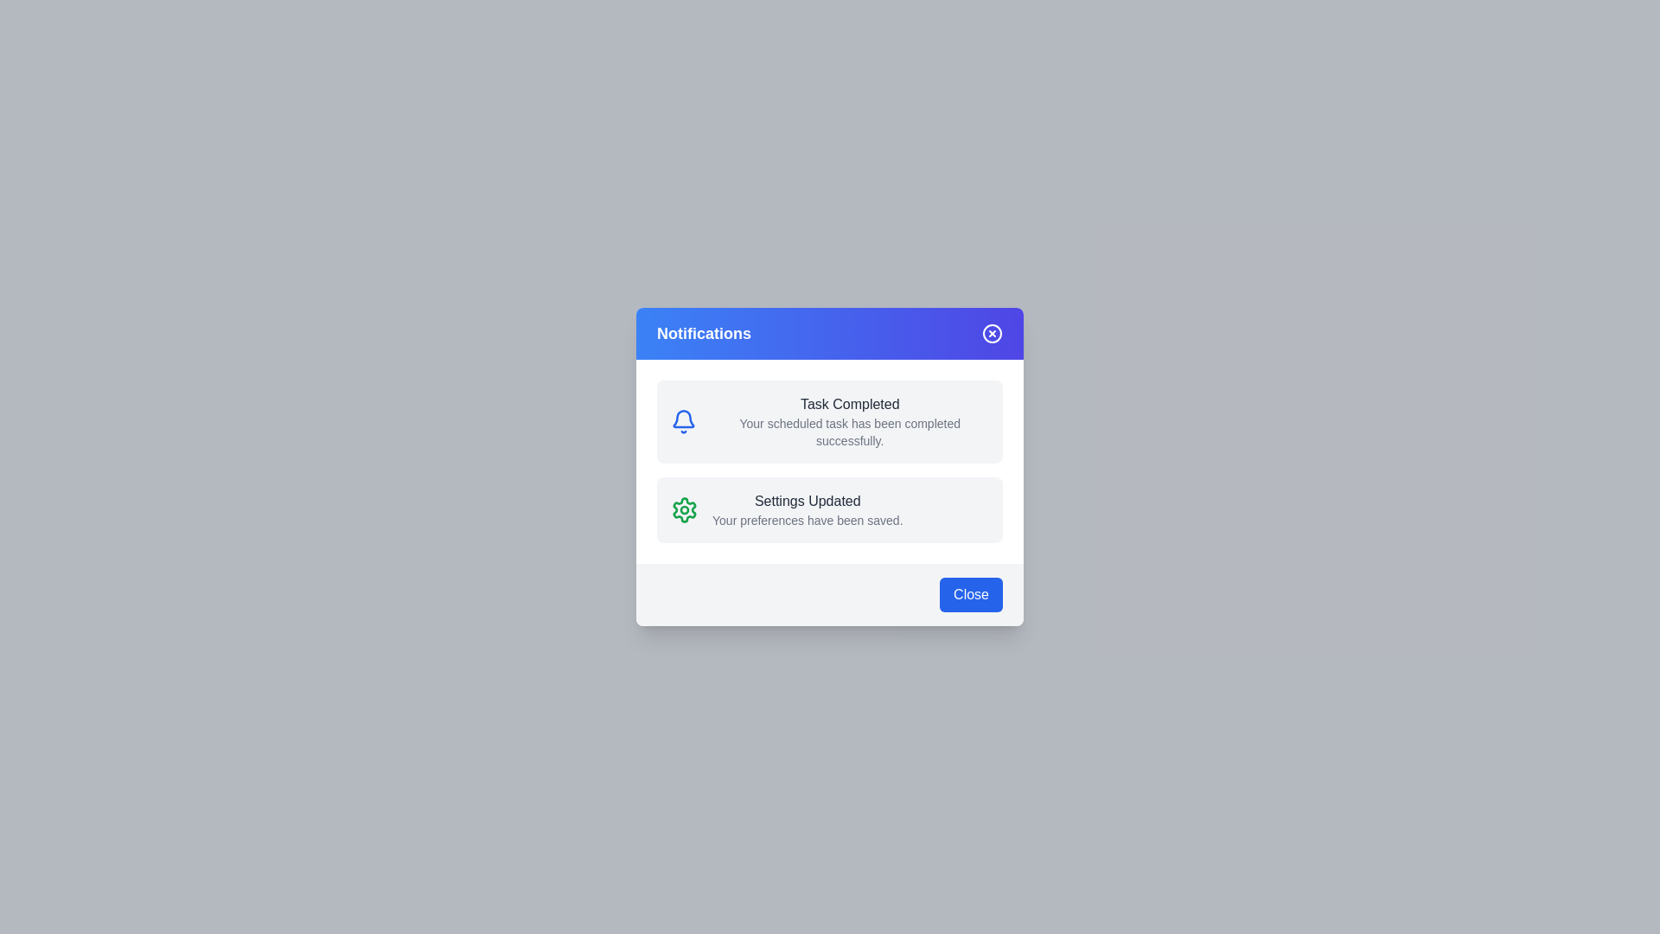 The width and height of the screenshot is (1660, 934). Describe the element at coordinates (830, 422) in the screenshot. I see `the 'Task Completed' notification to focus on its description` at that location.